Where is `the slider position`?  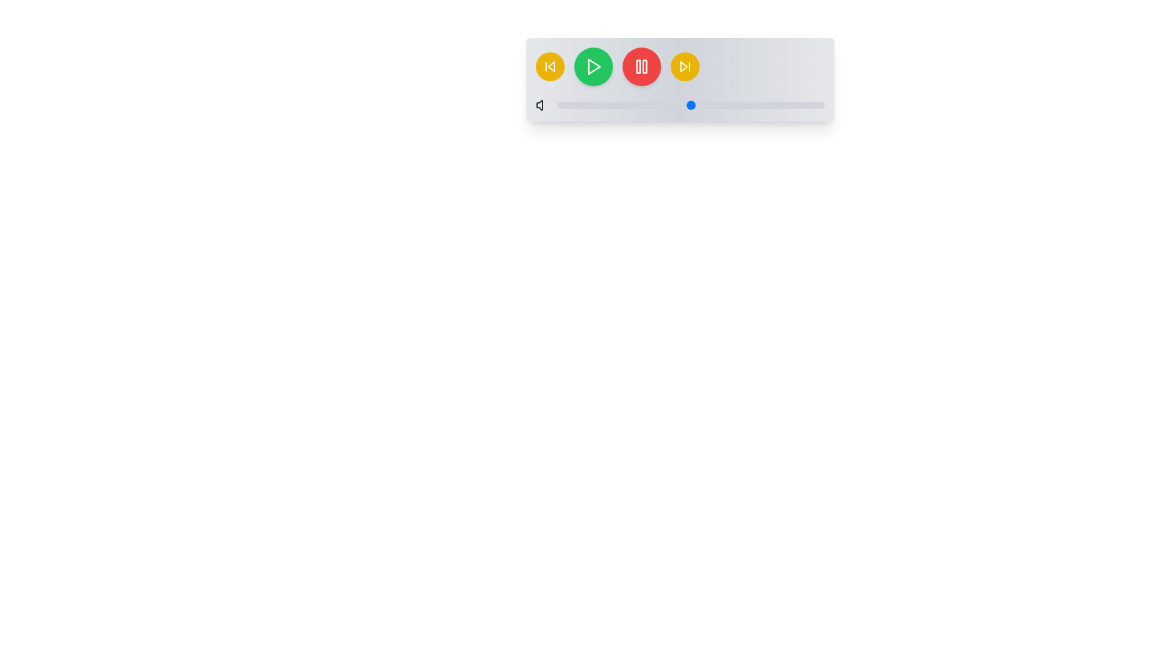 the slider position is located at coordinates (698, 104).